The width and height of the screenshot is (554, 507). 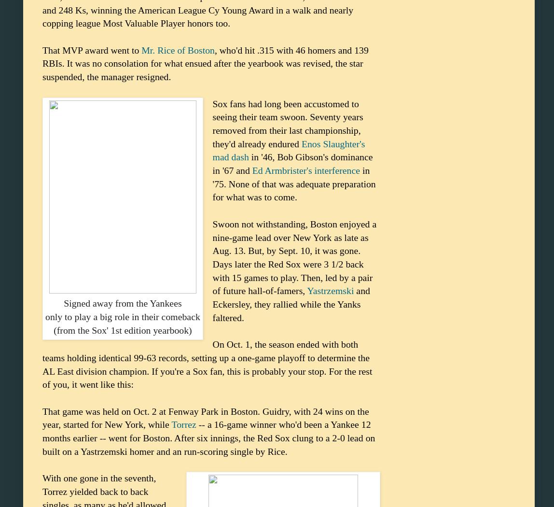 I want to click on 'Enos Slaughter's mad dash', so click(x=288, y=150).